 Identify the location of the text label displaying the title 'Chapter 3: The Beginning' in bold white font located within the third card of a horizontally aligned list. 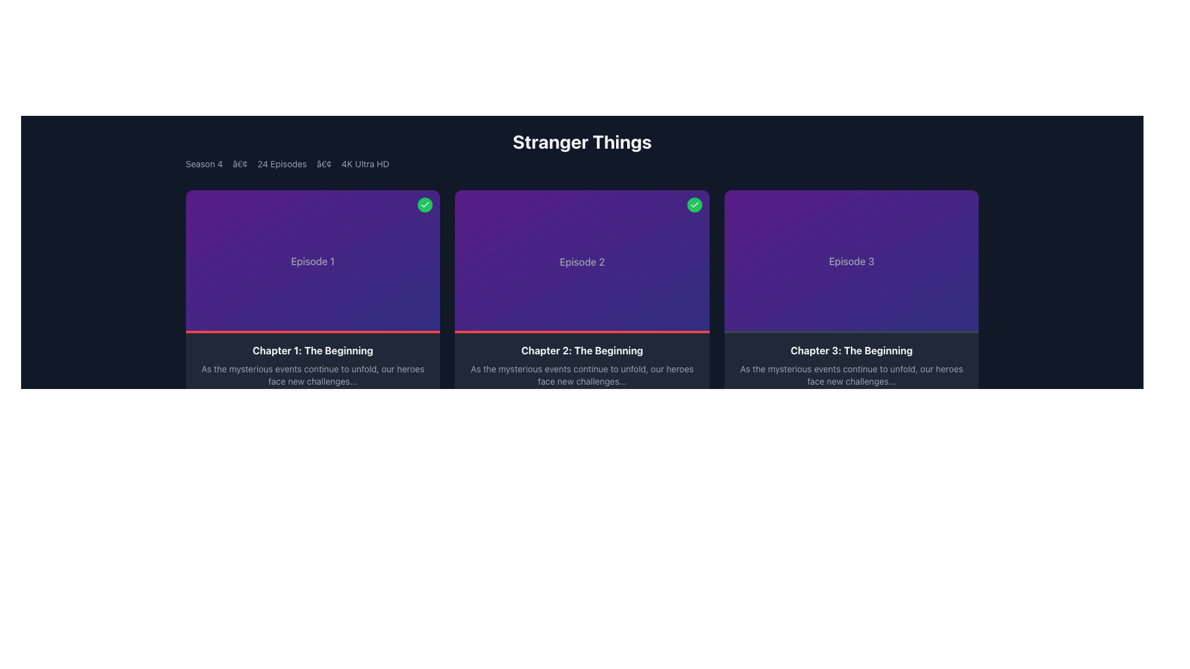
(851, 351).